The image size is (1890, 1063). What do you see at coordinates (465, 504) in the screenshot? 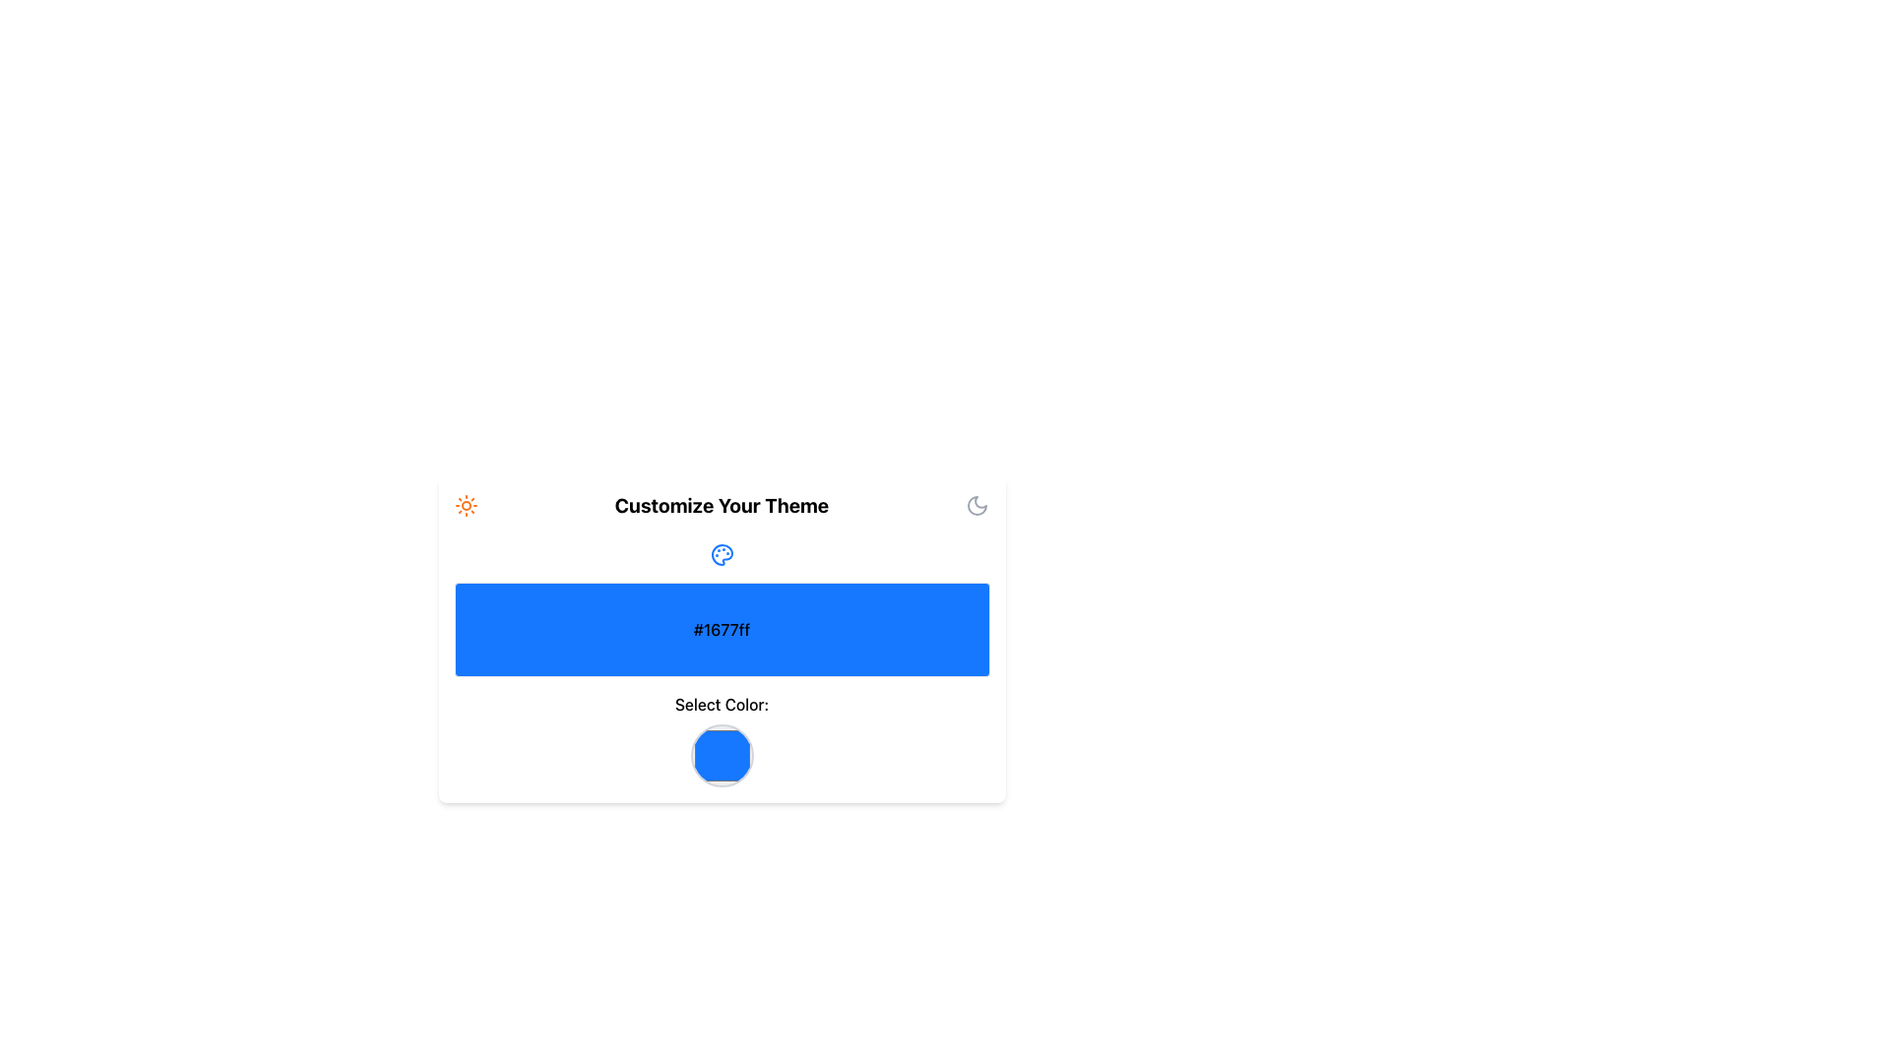
I see `the orange sun icon button located to the left of the 'Customize Your Theme' header` at bounding box center [465, 504].